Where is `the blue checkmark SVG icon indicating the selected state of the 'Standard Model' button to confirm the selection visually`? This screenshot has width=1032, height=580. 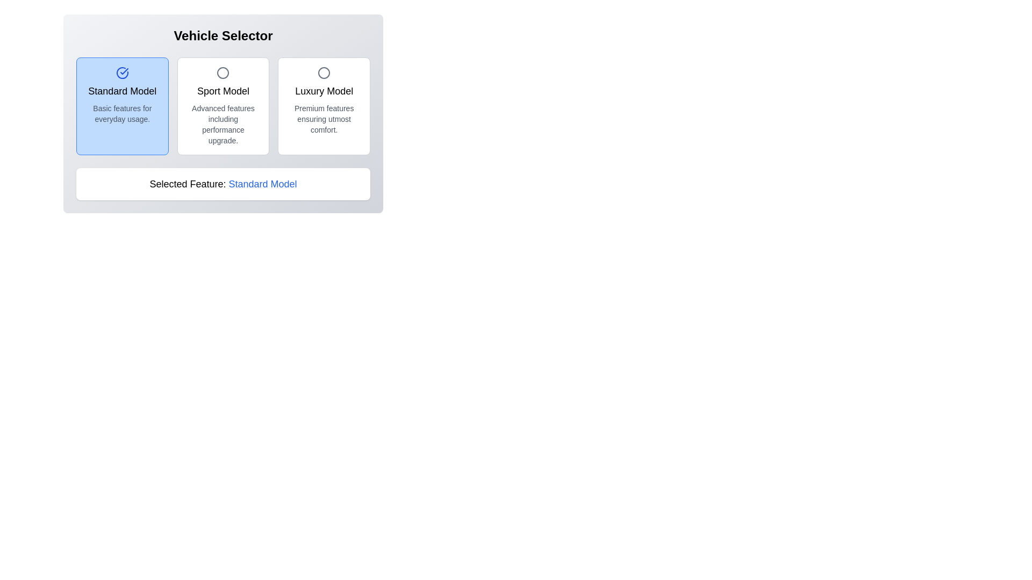
the blue checkmark SVG icon indicating the selected state of the 'Standard Model' button to confirm the selection visually is located at coordinates (124, 71).